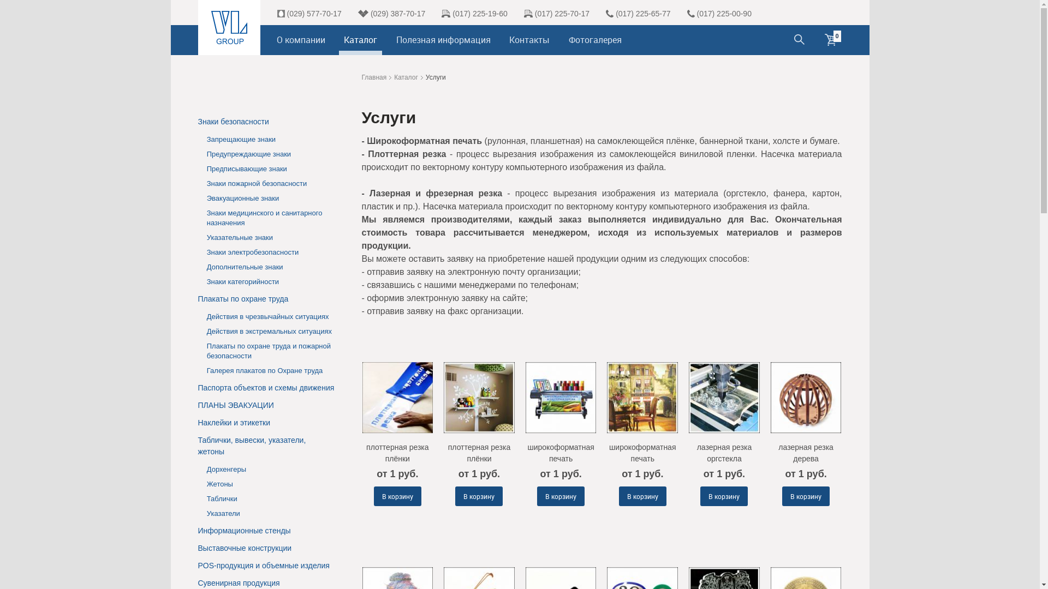  Describe the element at coordinates (642, 13) in the screenshot. I see `'(017) 225-65-77'` at that location.